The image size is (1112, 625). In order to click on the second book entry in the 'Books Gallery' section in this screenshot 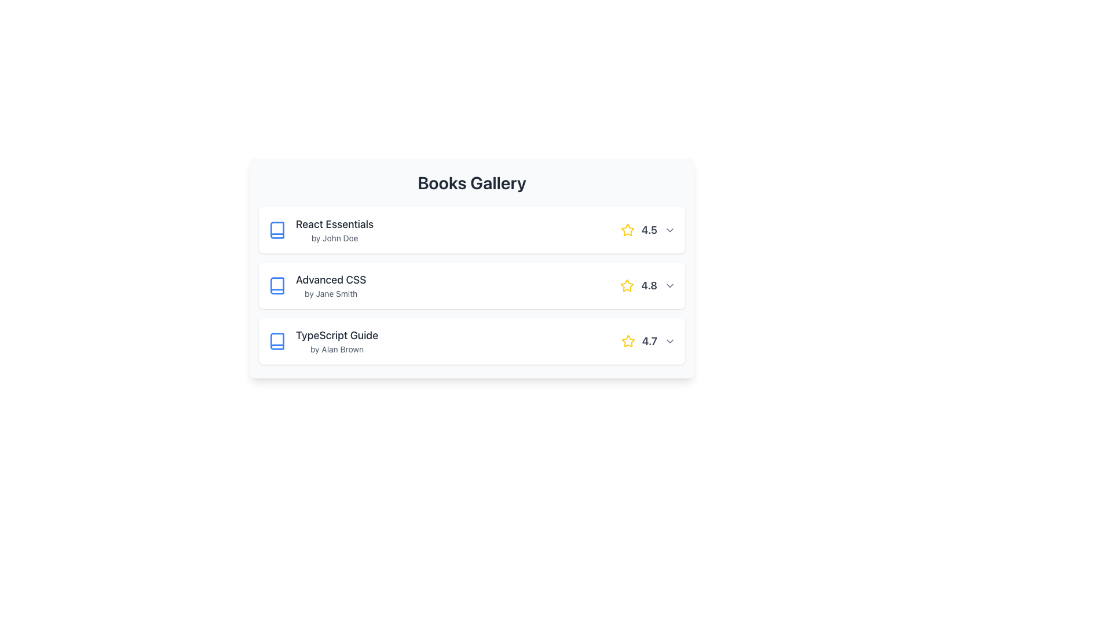, I will do `click(317, 285)`.